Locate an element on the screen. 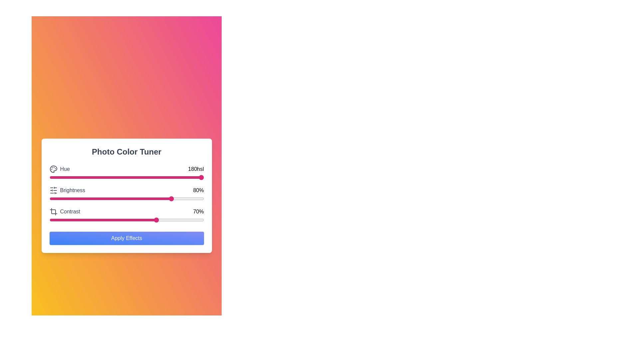 This screenshot has width=639, height=359. the hue slider to set the hue value to 40 is located at coordinates (111, 177).